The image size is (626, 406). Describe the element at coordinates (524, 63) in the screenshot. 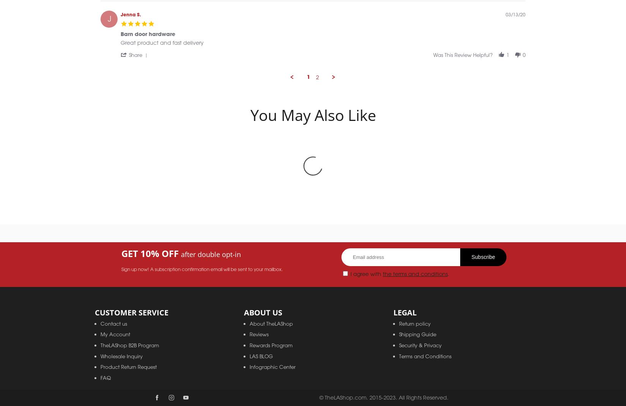

I see `'0'` at that location.